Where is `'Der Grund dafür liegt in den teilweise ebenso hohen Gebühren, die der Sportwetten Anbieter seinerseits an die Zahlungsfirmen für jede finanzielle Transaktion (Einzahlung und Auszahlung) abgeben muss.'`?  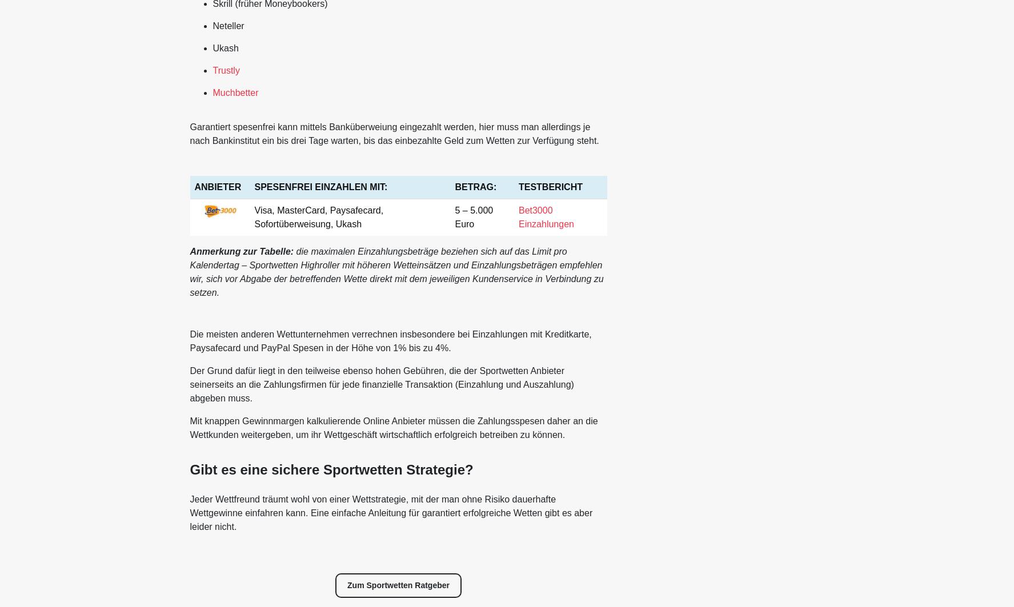
'Der Grund dafür liegt in den teilweise ebenso hohen Gebühren, die der Sportwetten Anbieter seinerseits an die Zahlungsfirmen für jede finanzielle Transaktion (Einzahlung und Auszahlung) abgeben muss.' is located at coordinates (380, 383).